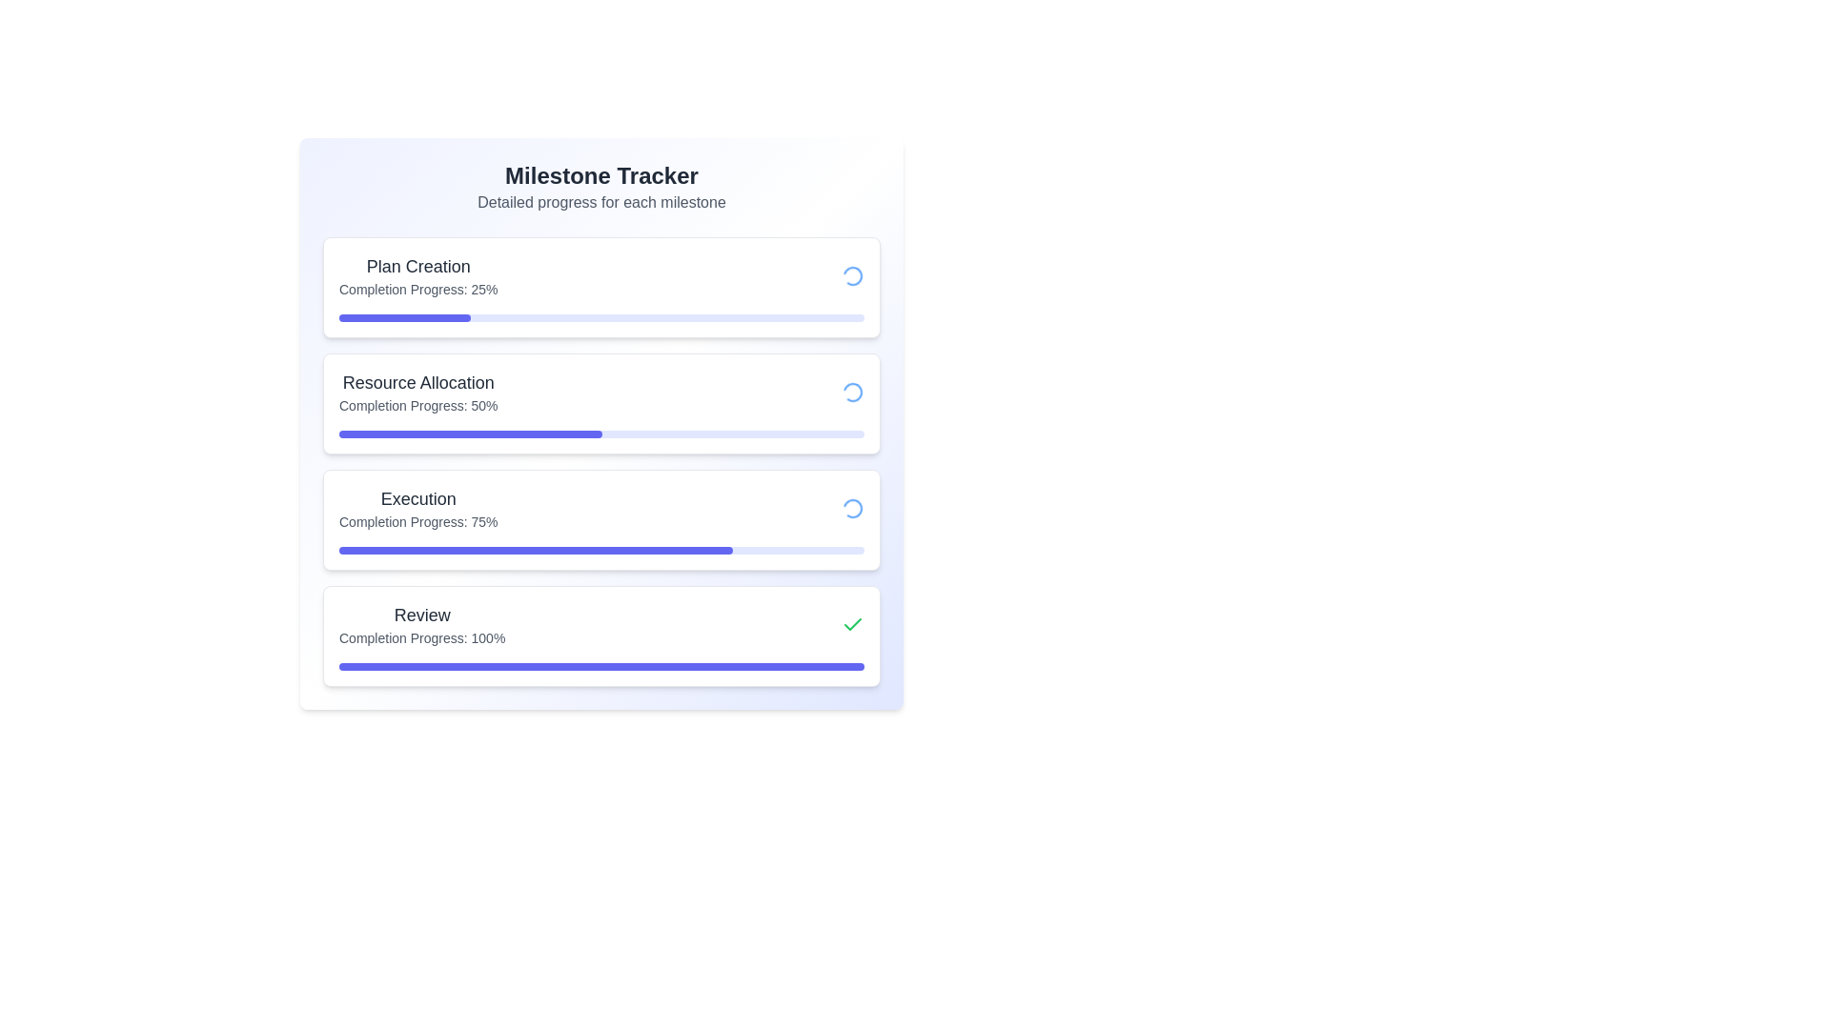 The width and height of the screenshot is (1830, 1029). What do you see at coordinates (851, 275) in the screenshot?
I see `the loading spinner icon located at the top-right part of the 'Plan Creation' section in the 'Milestone Tracker', which indicates a processing status` at bounding box center [851, 275].